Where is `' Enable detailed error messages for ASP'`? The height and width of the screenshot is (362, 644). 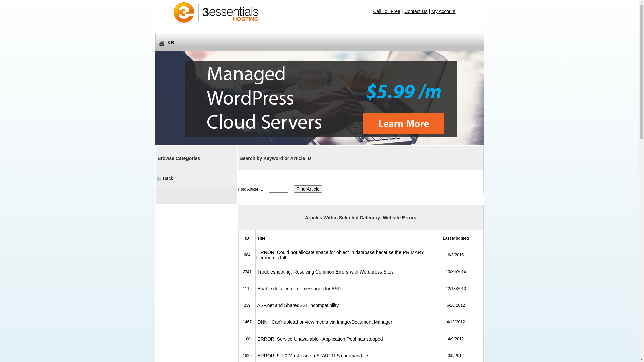
' Enable detailed error messages for ASP' is located at coordinates (298, 288).